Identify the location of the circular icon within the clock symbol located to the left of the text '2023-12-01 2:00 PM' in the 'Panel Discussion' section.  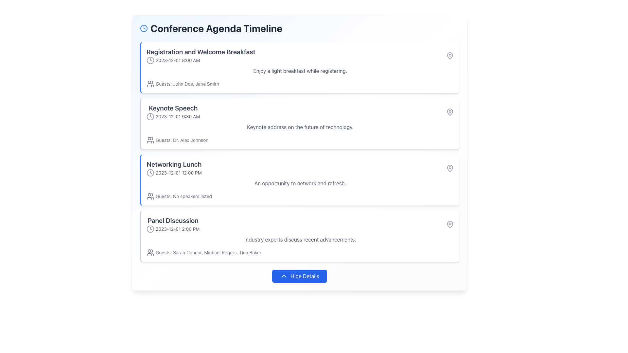
(150, 229).